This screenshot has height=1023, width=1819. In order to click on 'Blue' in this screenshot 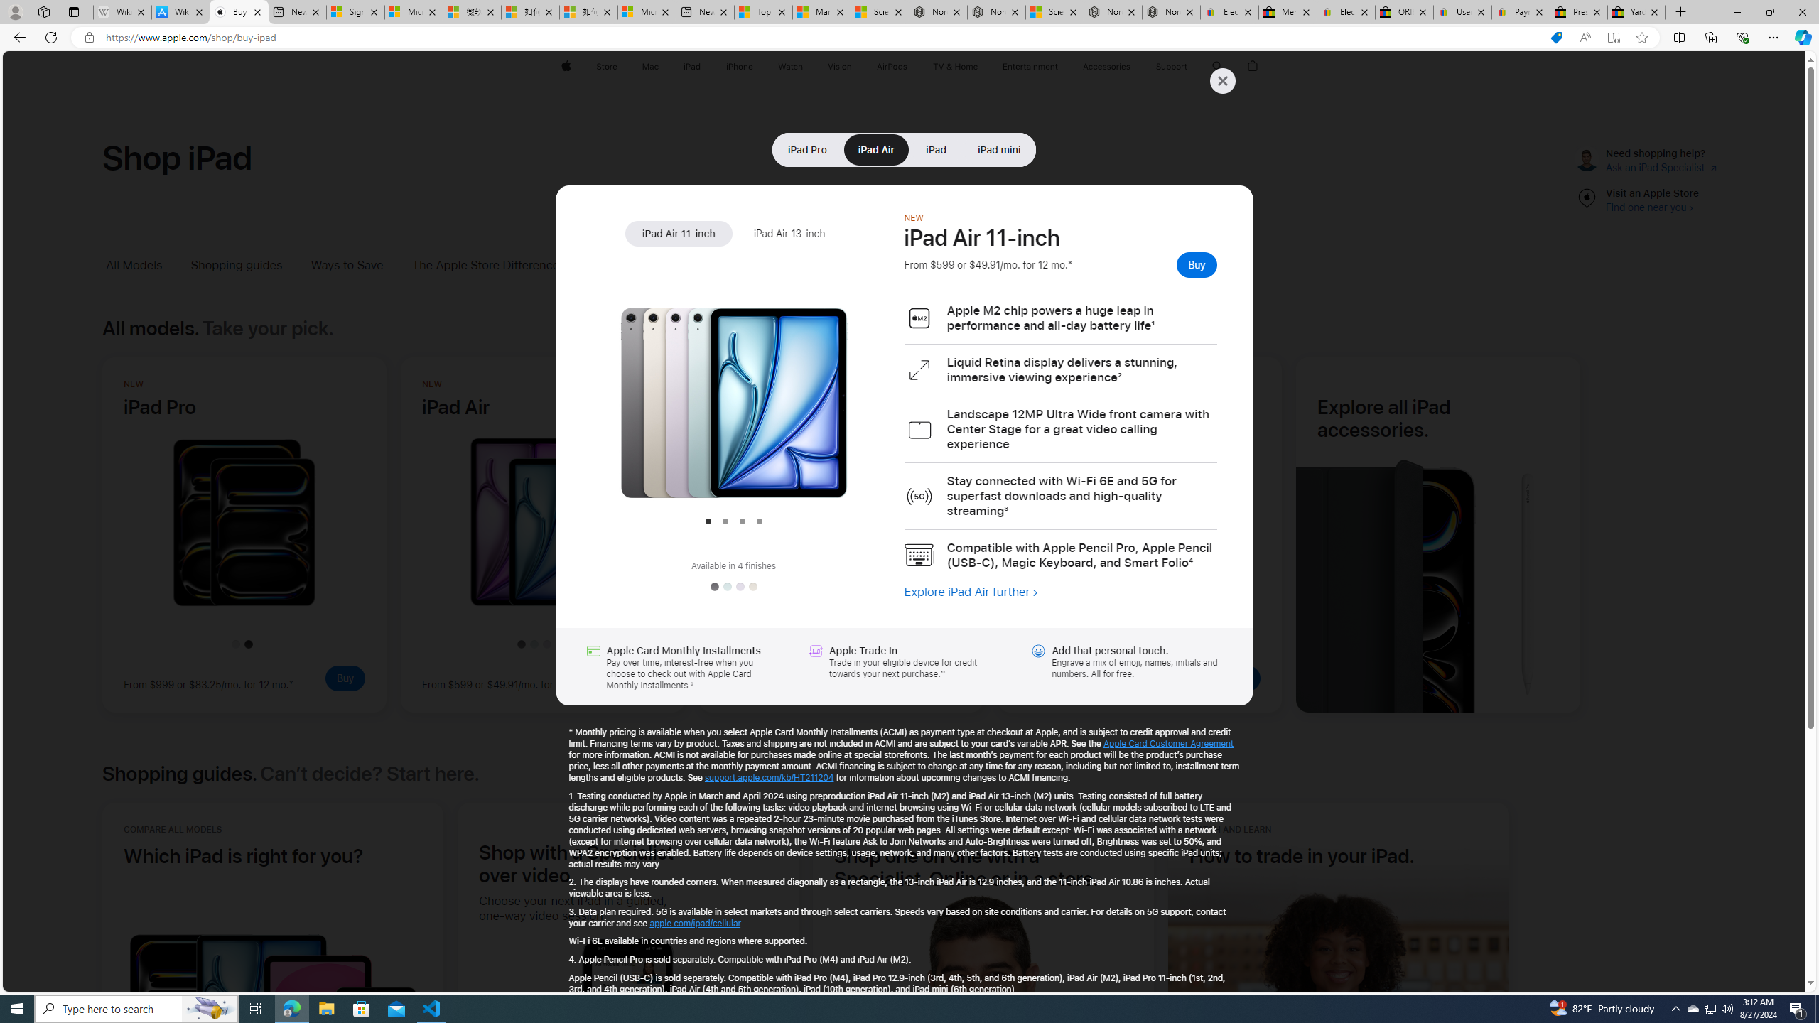, I will do `click(726, 585)`.